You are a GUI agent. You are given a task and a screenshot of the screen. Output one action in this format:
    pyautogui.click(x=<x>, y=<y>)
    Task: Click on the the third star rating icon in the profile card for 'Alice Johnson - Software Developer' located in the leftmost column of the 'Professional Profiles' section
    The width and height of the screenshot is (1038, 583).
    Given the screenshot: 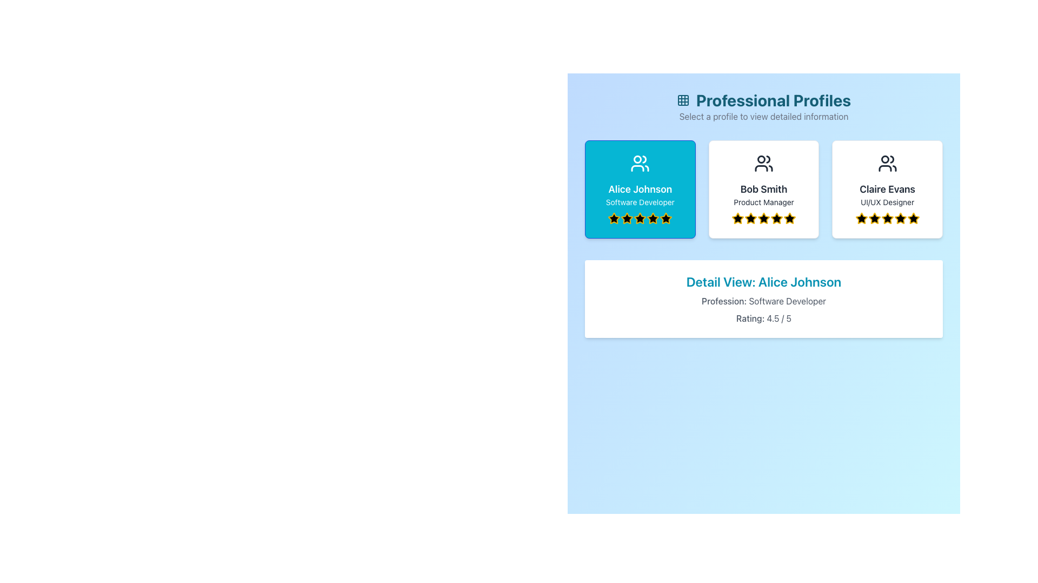 What is the action you would take?
    pyautogui.click(x=640, y=219)
    